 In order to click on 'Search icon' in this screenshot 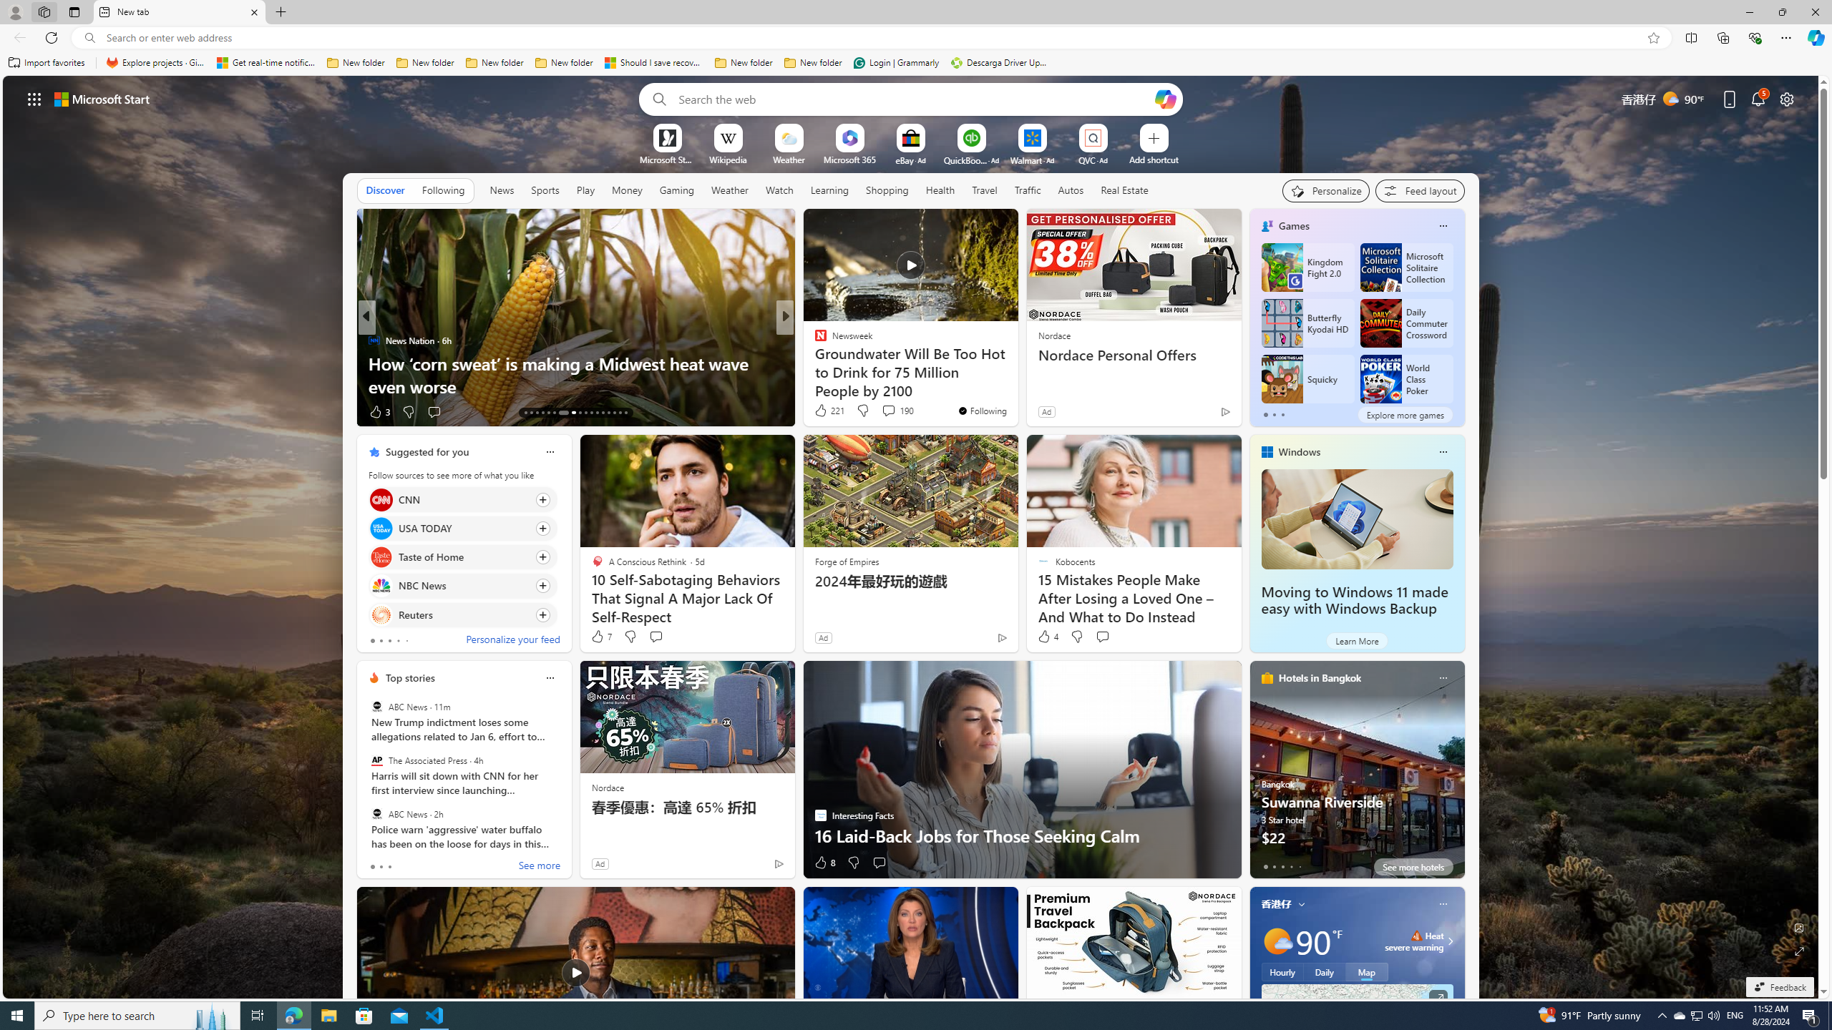, I will do `click(89, 38)`.